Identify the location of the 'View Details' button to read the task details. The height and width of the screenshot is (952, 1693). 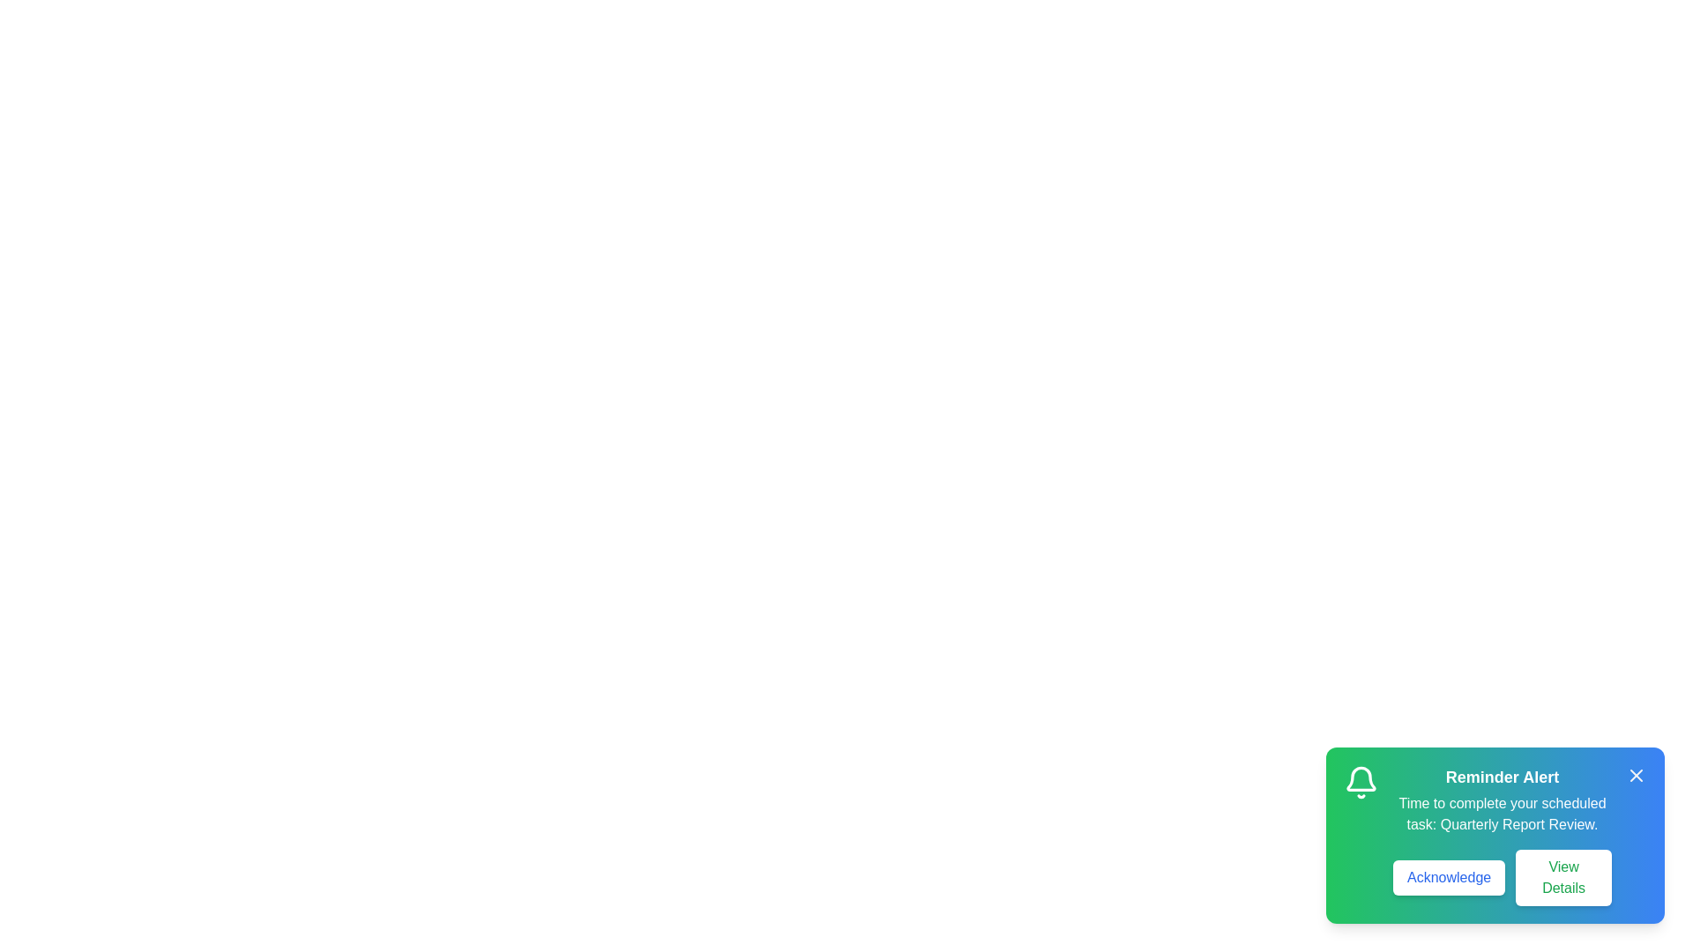
(1562, 877).